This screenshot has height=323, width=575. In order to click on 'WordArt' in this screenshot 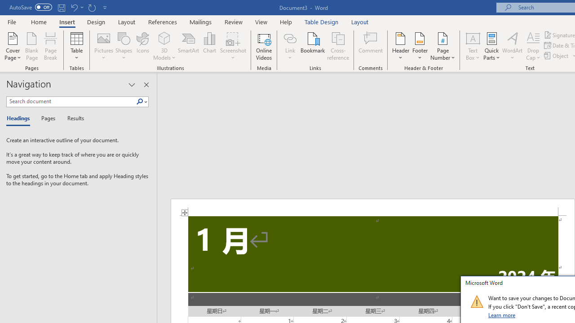, I will do `click(513, 46)`.